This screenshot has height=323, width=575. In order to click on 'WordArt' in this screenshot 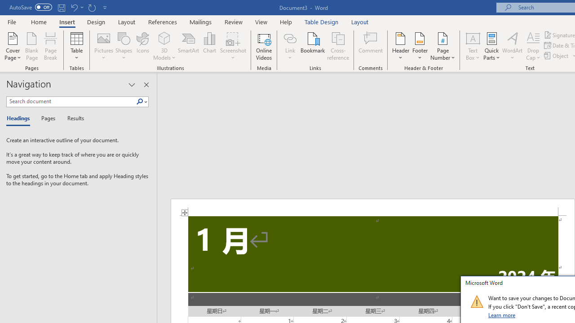, I will do `click(513, 46)`.